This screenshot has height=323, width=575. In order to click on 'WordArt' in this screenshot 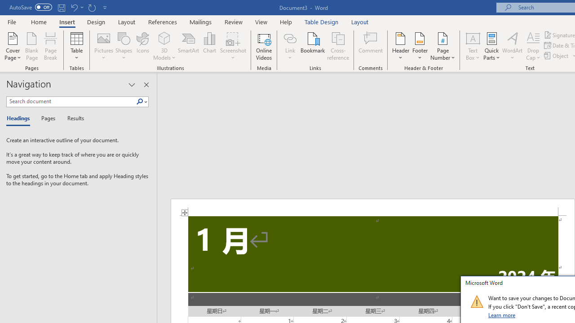, I will do `click(513, 46)`.